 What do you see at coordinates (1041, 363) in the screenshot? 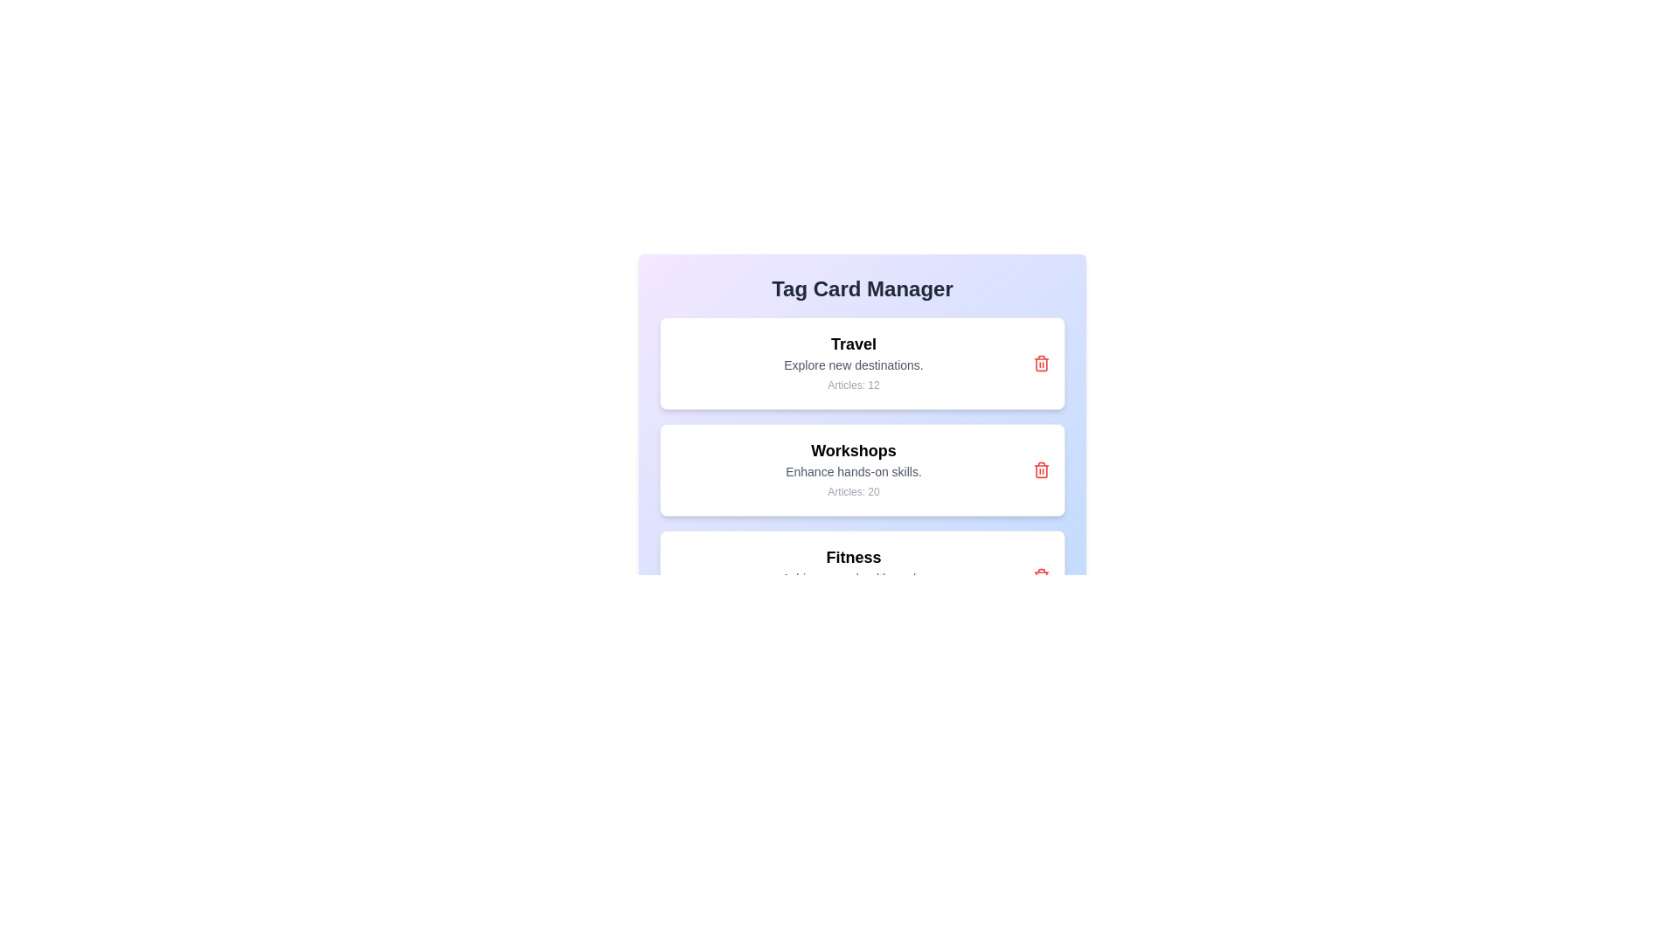
I see `delete button for the tag labeled Travel` at bounding box center [1041, 363].